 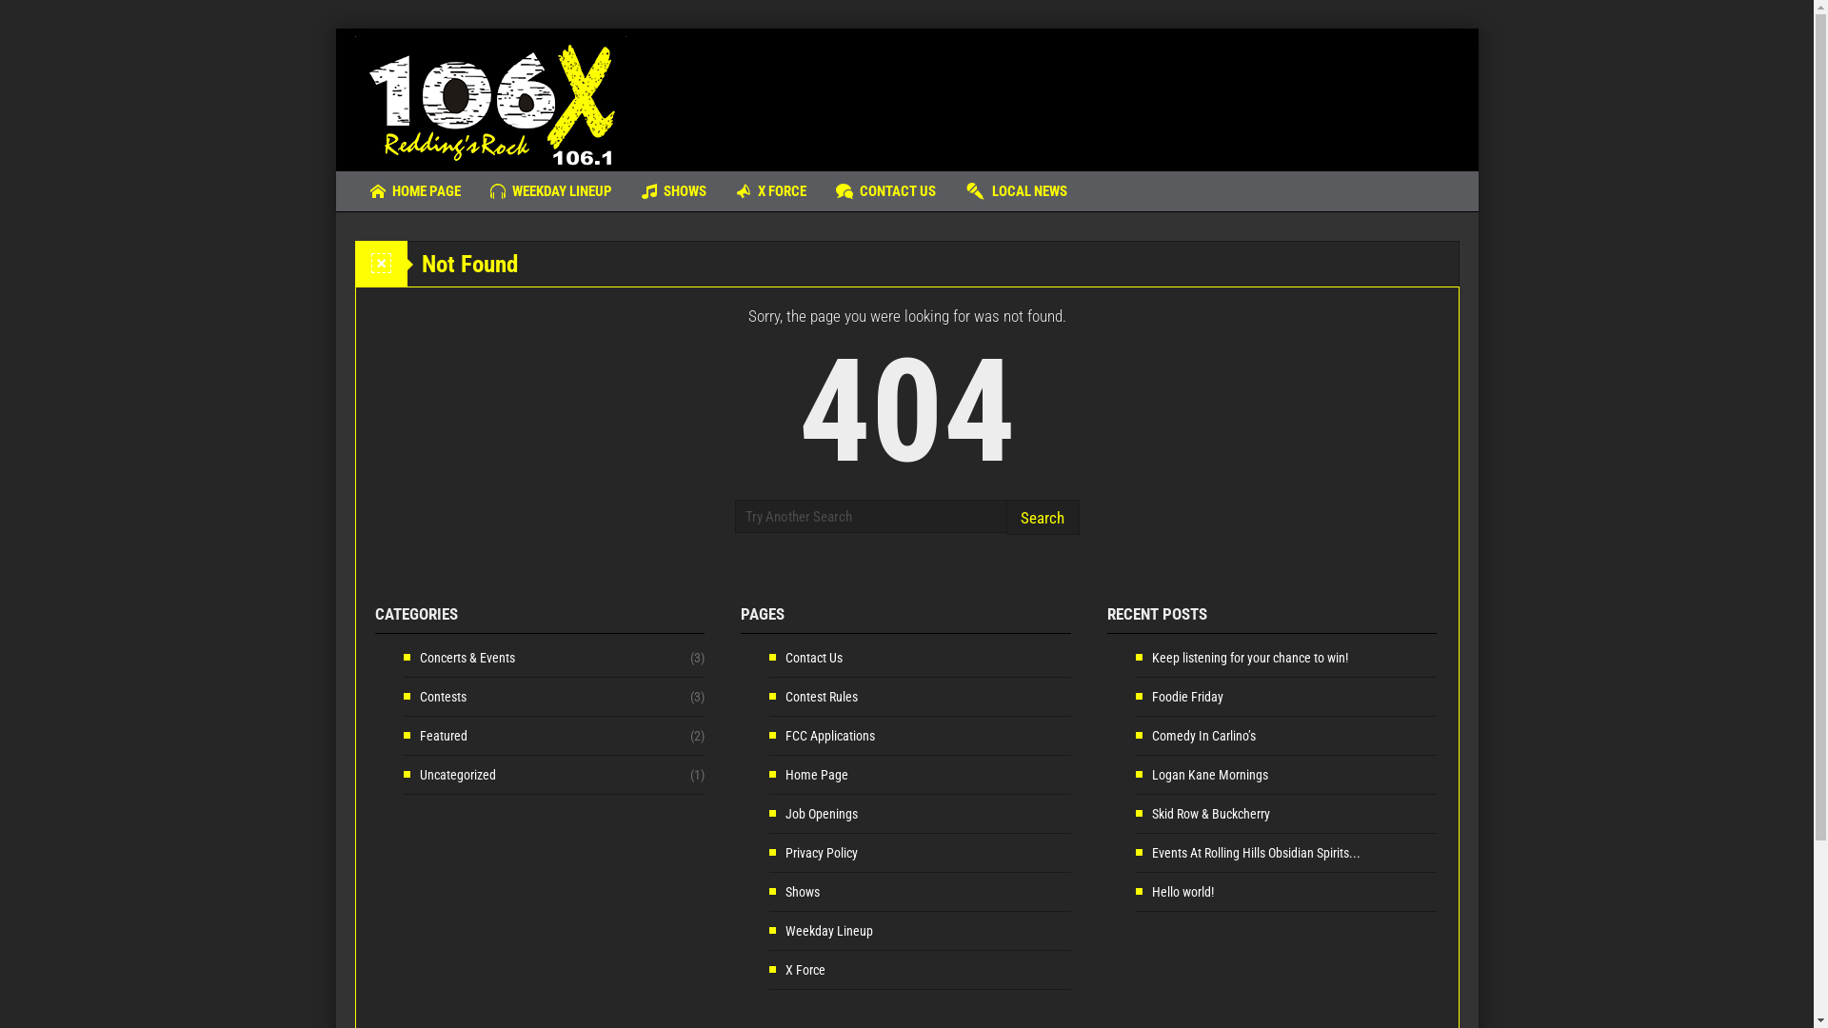 I want to click on 'Uncategorized', so click(x=448, y=774).